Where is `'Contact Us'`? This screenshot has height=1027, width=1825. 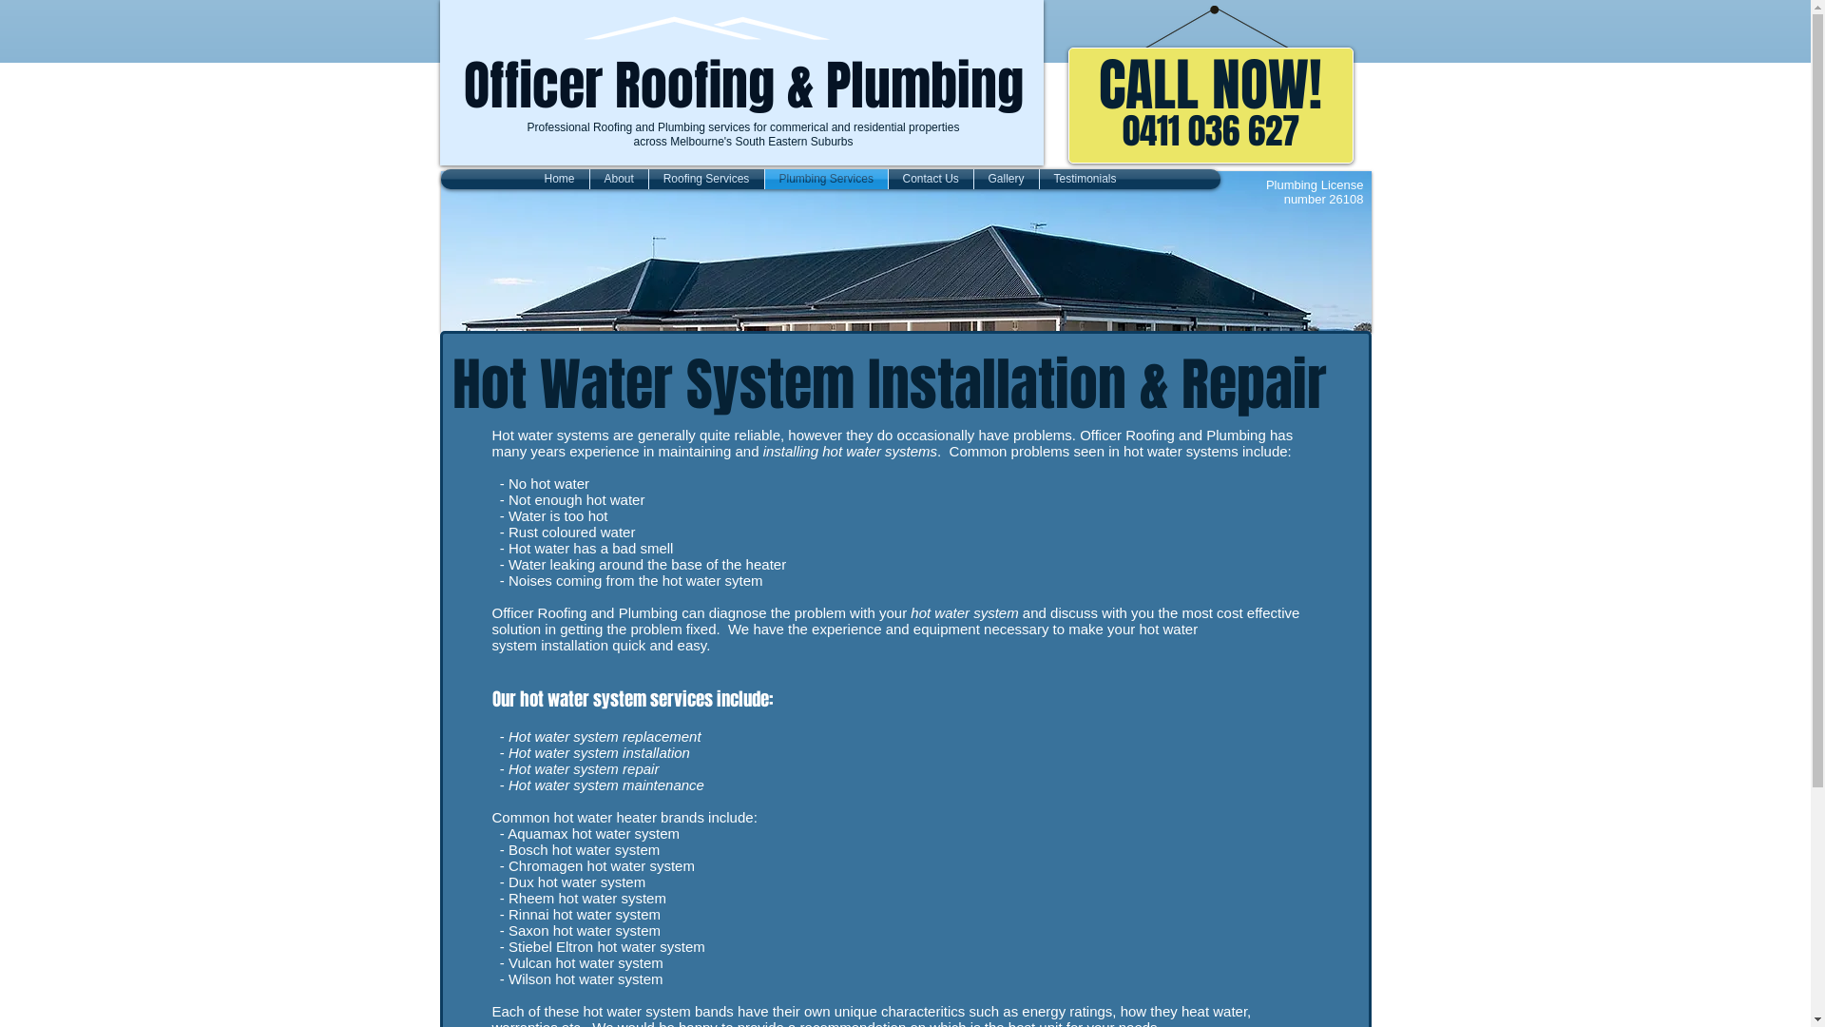 'Contact Us' is located at coordinates (930, 179).